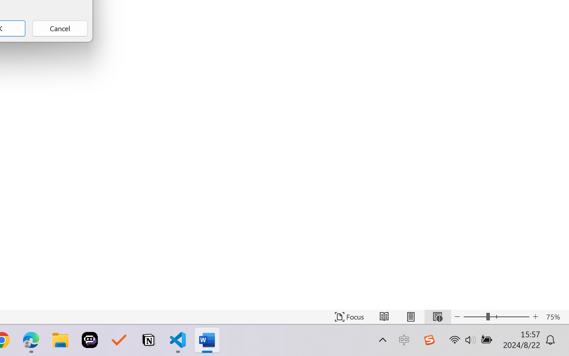 The height and width of the screenshot is (356, 569). Describe the element at coordinates (437, 316) in the screenshot. I see `'Web Layout'` at that location.